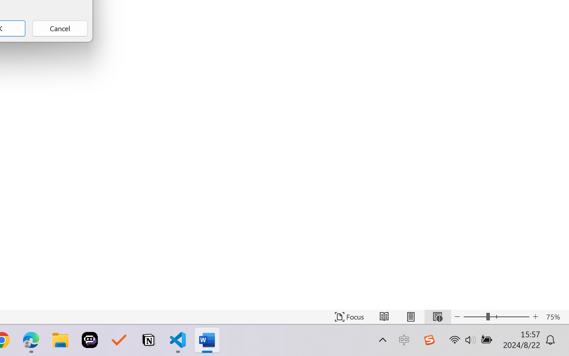 The height and width of the screenshot is (356, 569). Describe the element at coordinates (437, 316) in the screenshot. I see `'Web Layout'` at that location.